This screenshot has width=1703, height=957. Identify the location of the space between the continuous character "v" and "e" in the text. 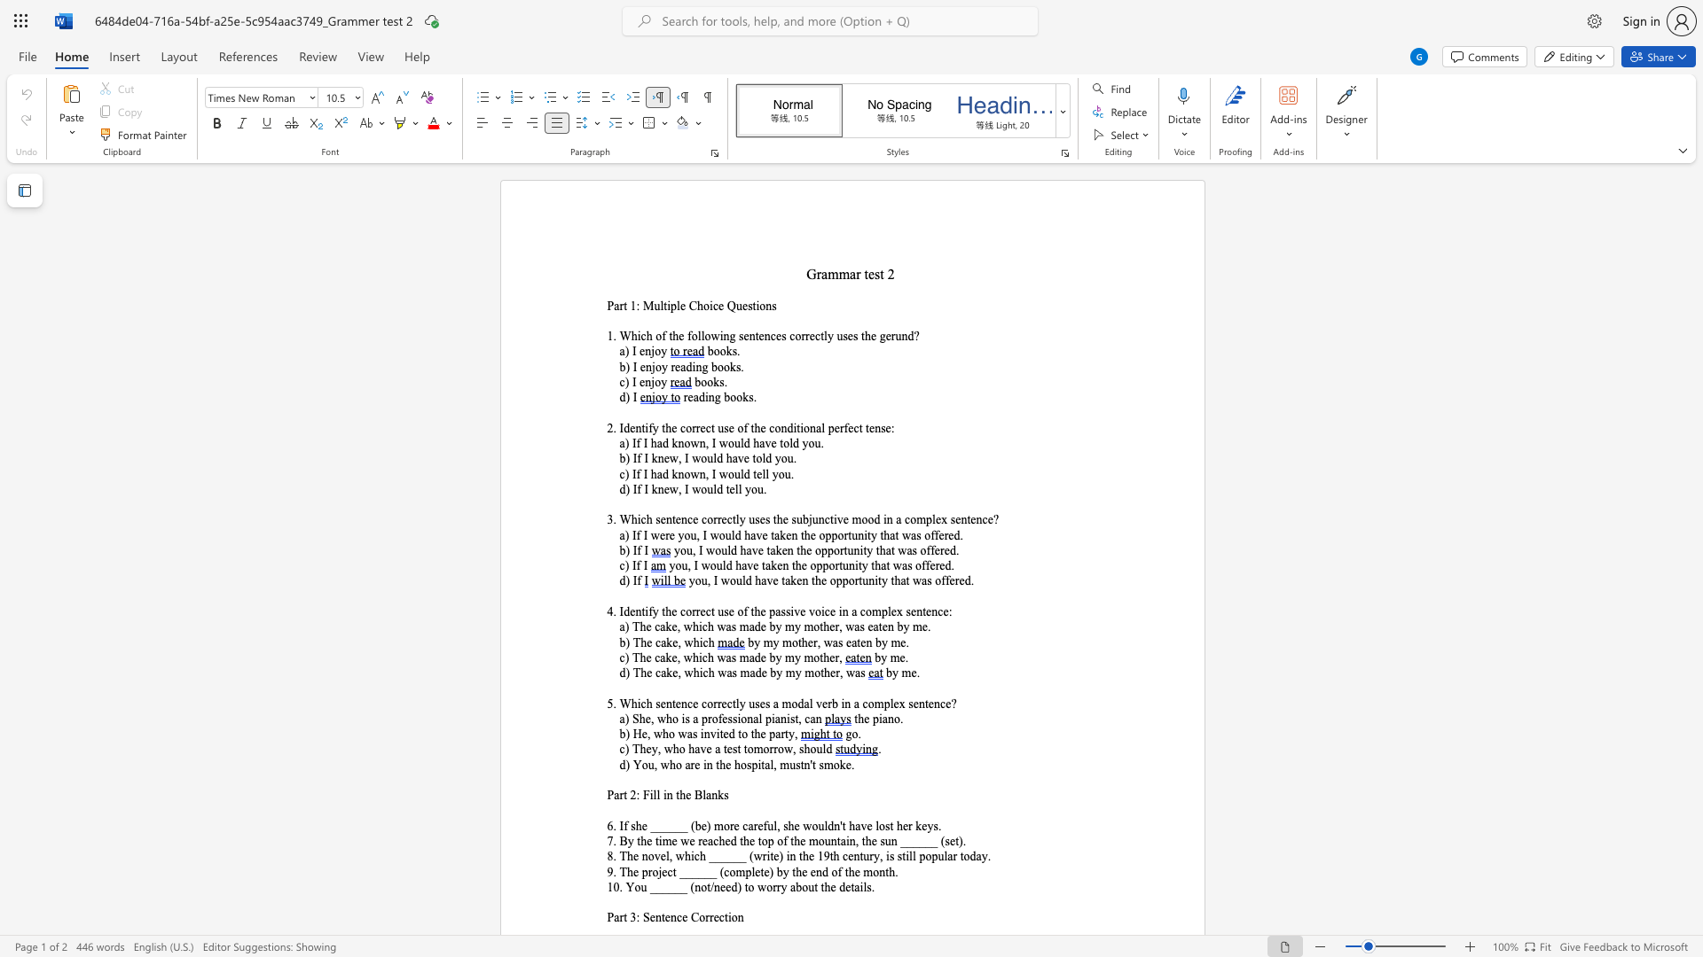
(773, 580).